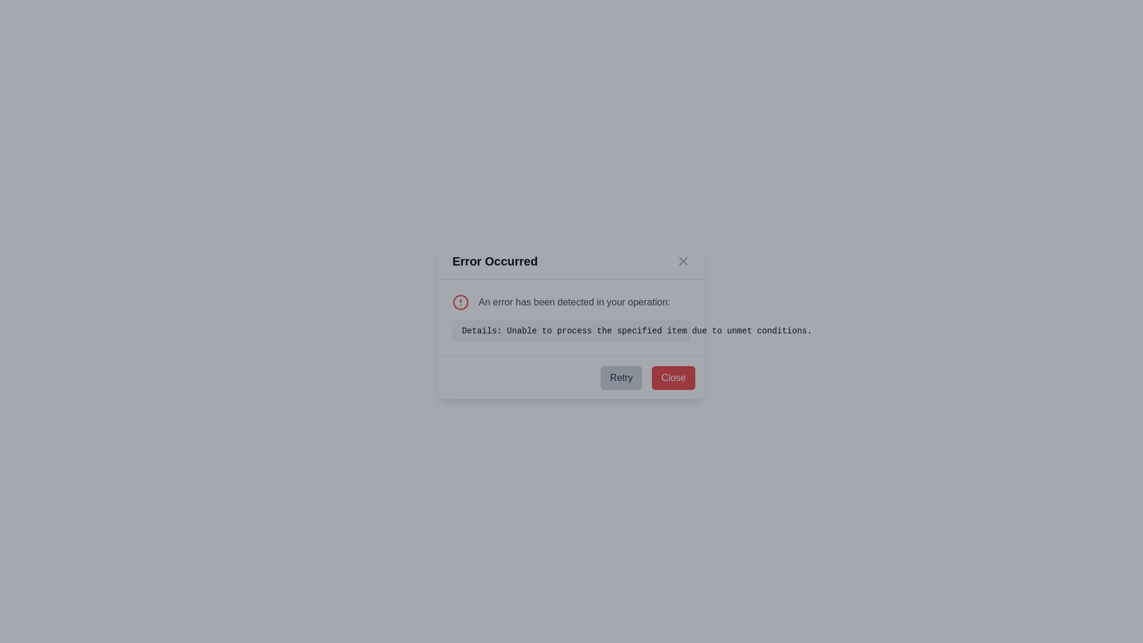 This screenshot has height=643, width=1143. Describe the element at coordinates (683, 261) in the screenshot. I see `the close button located in the top-right corner of the modal dialog titled 'Error Occurred' for accessibility navigation` at that location.